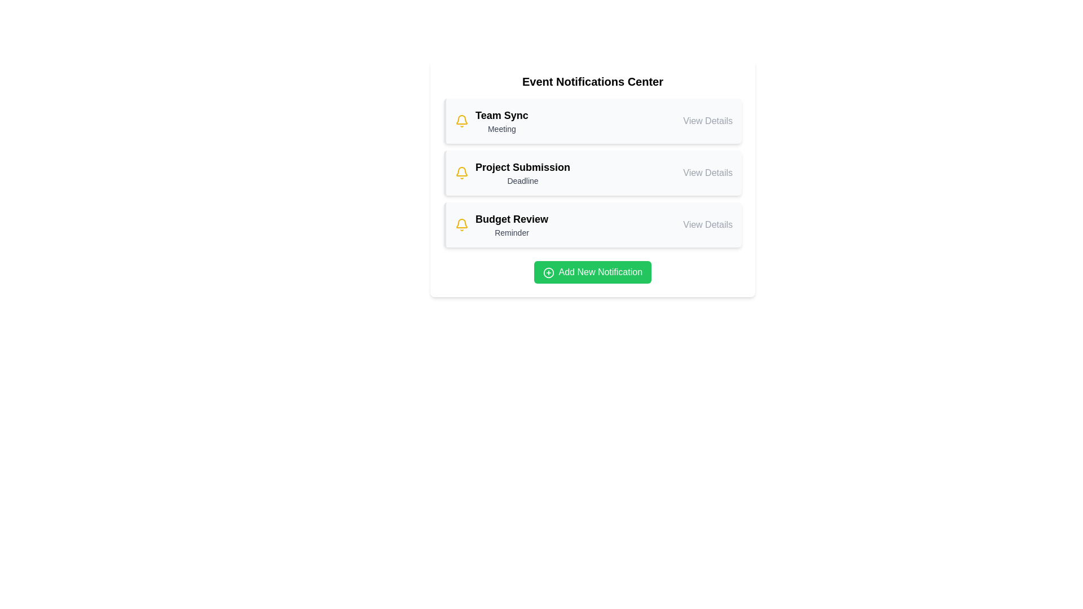 The width and height of the screenshot is (1083, 609). I want to click on the 'Add New Notification' button, which has a green background, white text, and a plus sign icon, located at the bottom of the 'Event Notifications Center', so click(592, 272).